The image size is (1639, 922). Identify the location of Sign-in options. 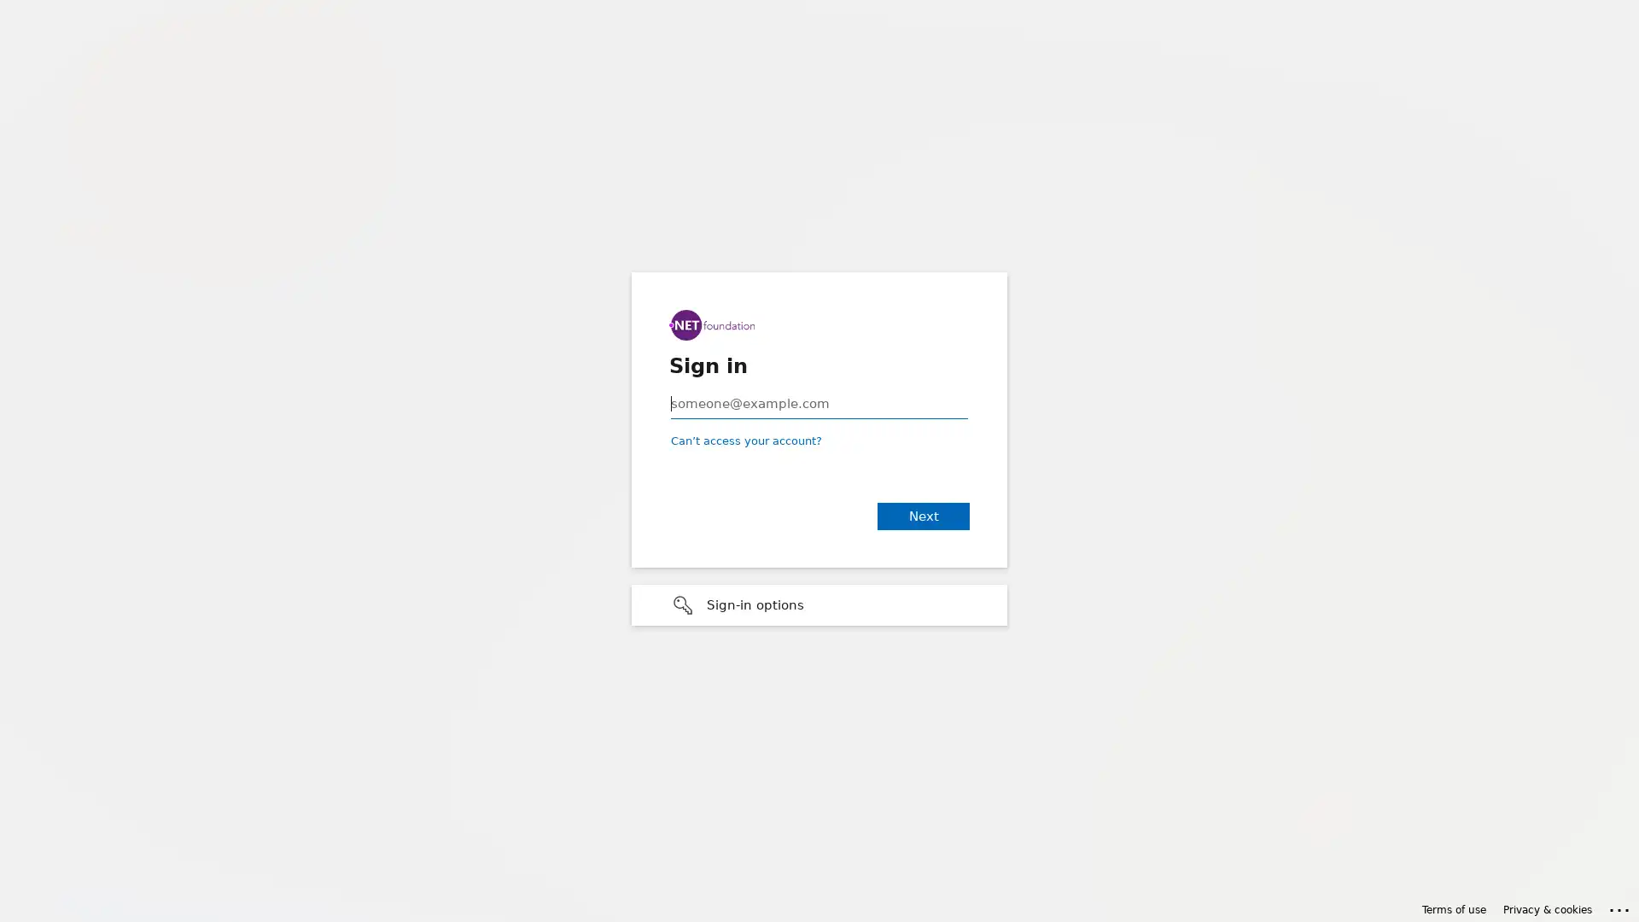
(819, 604).